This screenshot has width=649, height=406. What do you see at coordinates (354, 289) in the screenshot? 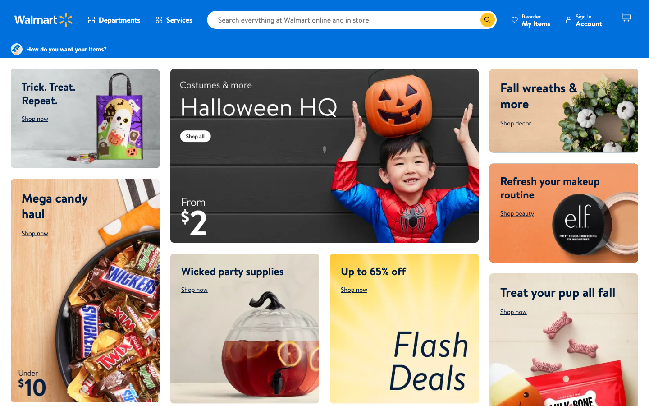
I see `flash deals part on the website through shop now click action` at bounding box center [354, 289].